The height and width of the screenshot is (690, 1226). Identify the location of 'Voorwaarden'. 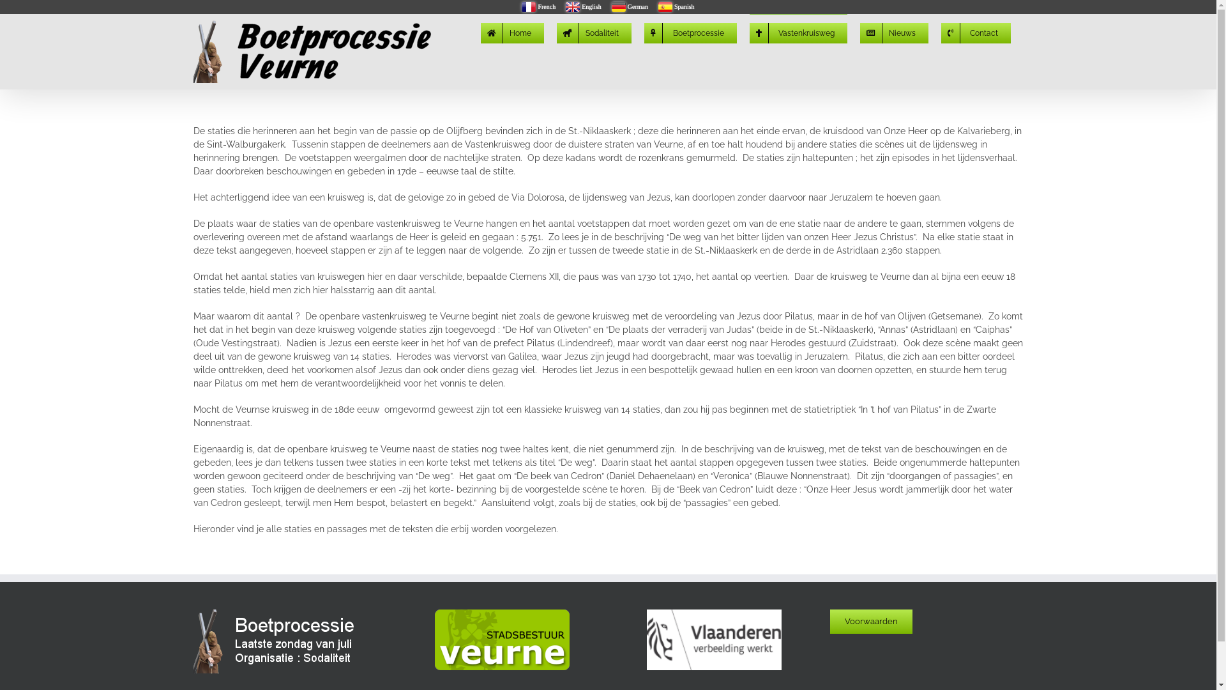
(830, 620).